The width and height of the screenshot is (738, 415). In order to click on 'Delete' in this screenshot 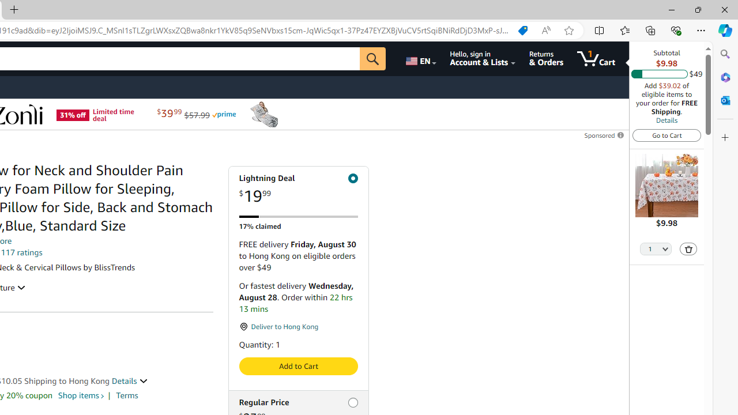, I will do `click(688, 248)`.